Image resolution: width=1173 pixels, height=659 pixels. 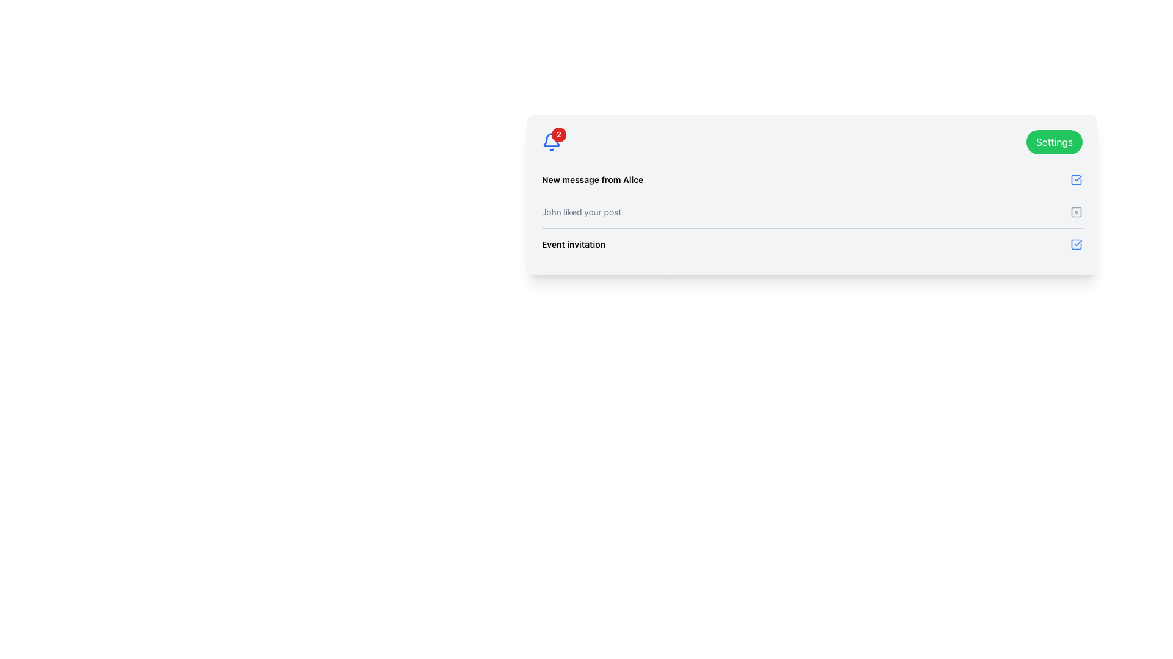 What do you see at coordinates (550, 141) in the screenshot?
I see `the Notification Icon, which indicates the number of new or unread notifications and is located in the top-left corner of the notification panel` at bounding box center [550, 141].